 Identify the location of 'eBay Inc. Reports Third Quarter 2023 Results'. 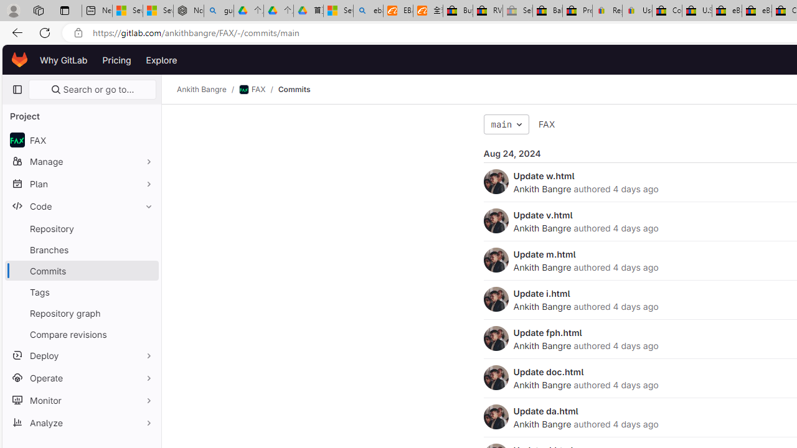
(756, 11).